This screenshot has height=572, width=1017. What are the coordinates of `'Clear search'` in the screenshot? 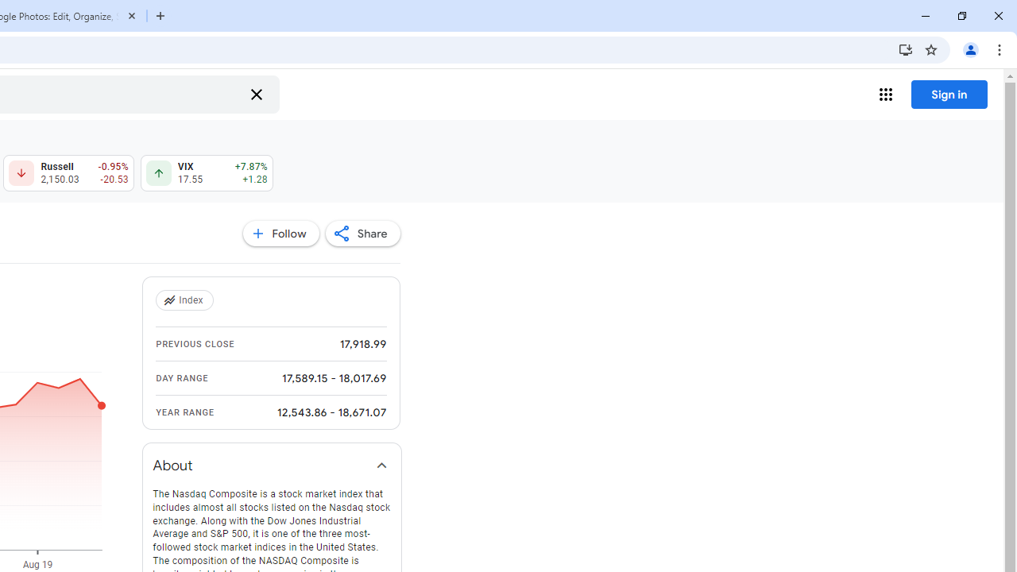 It's located at (256, 94).